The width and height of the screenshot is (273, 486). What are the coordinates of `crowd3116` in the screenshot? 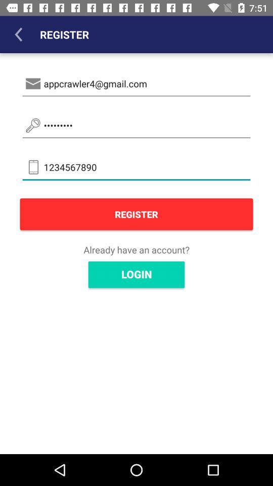 It's located at (136, 125).